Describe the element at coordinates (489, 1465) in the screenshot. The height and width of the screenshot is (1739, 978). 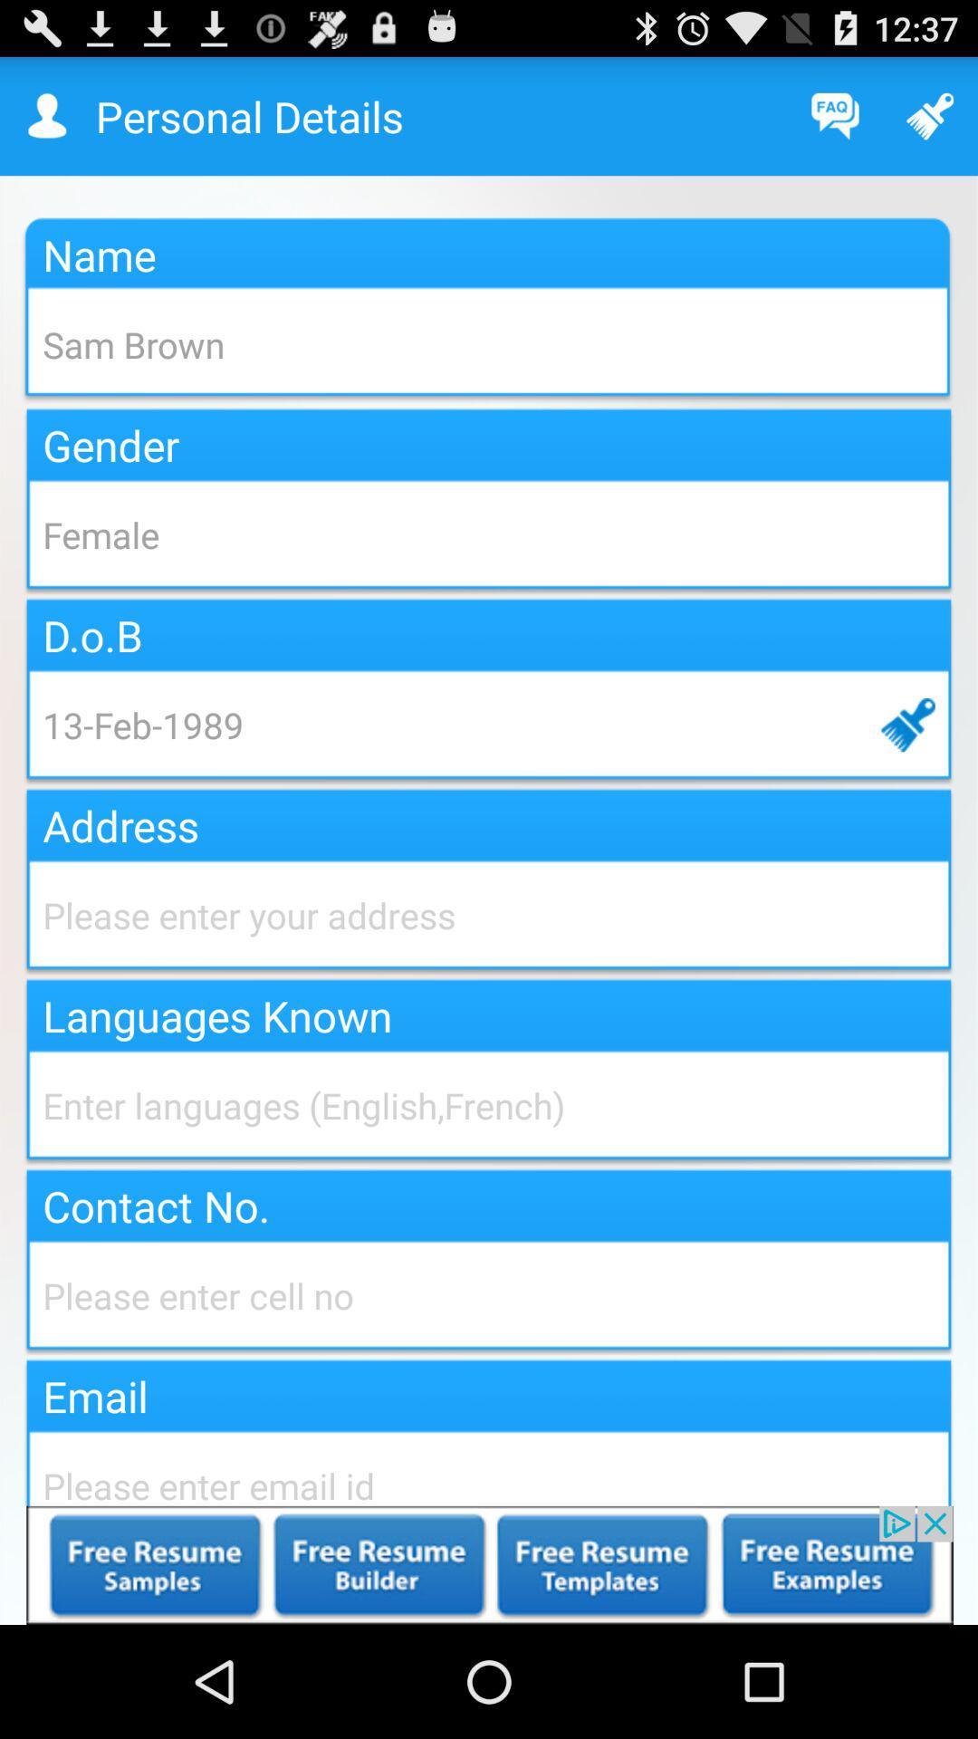
I see `email id` at that location.